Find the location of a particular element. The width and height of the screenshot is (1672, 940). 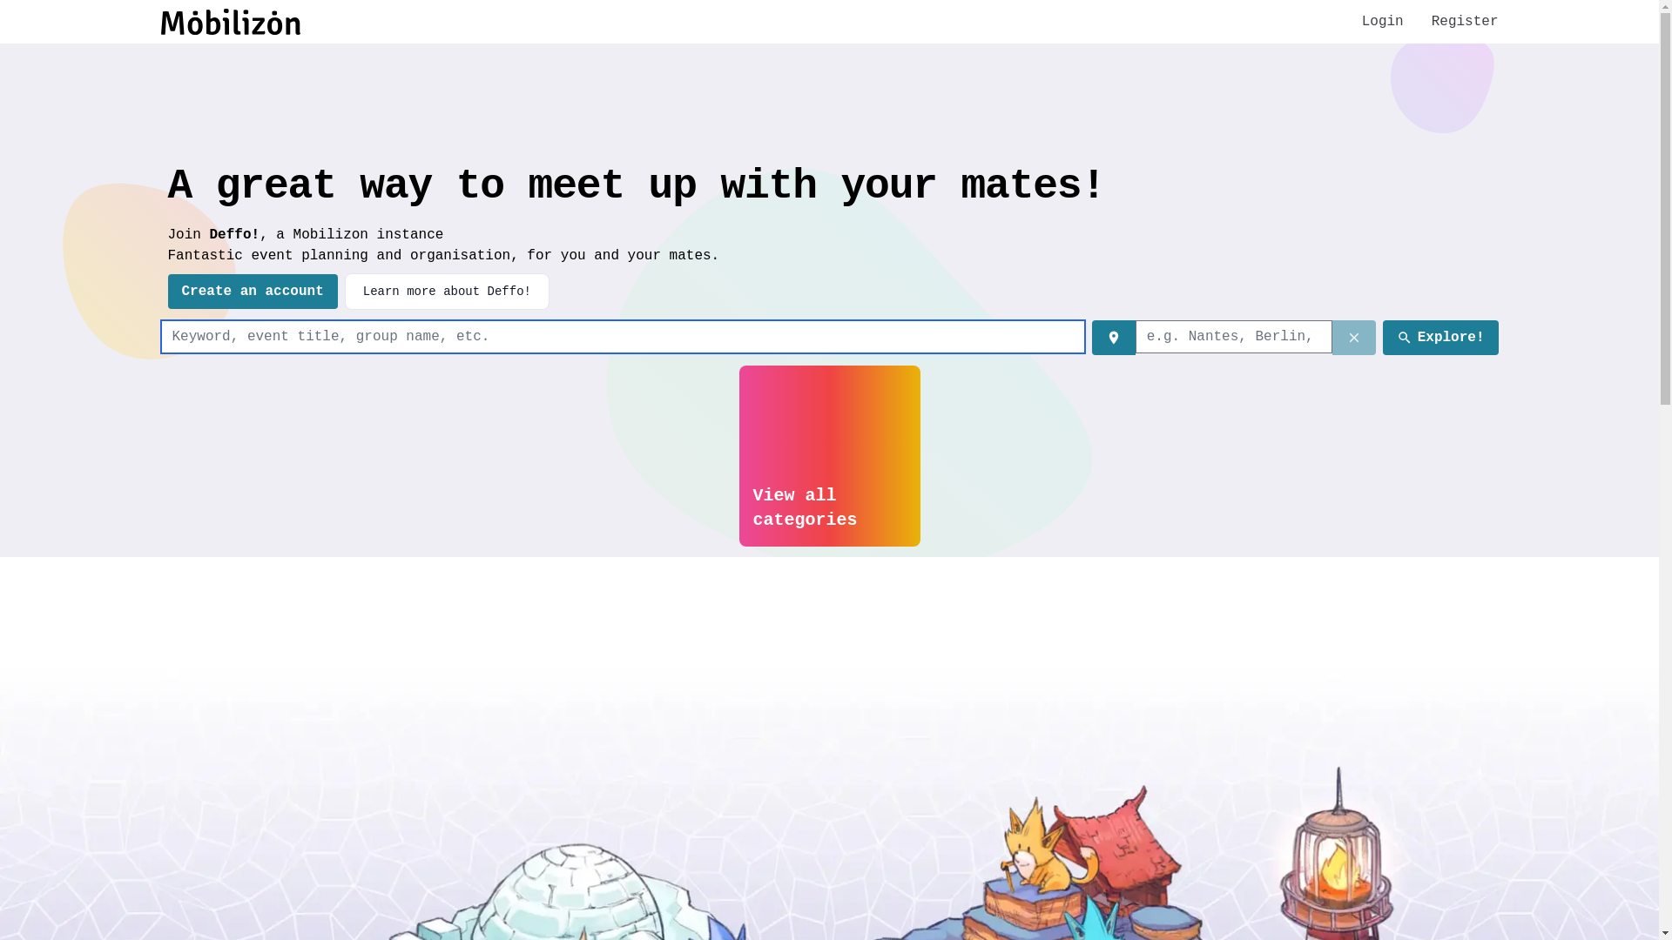

'Learn more about Deffo!' is located at coordinates (447, 291).